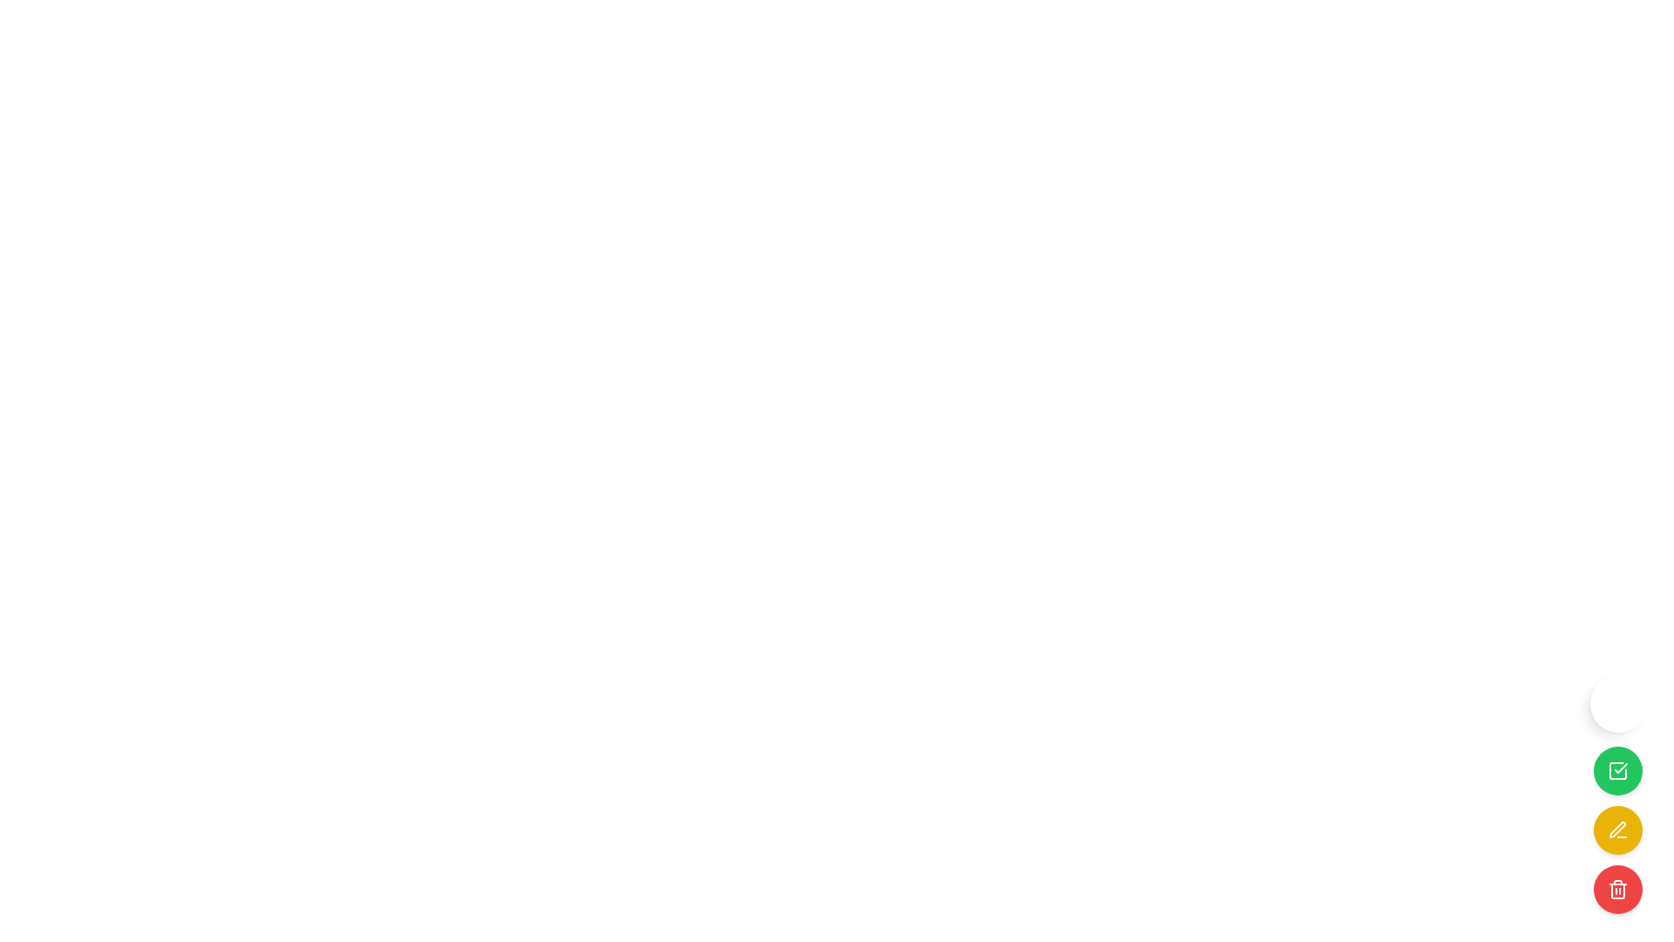 The height and width of the screenshot is (942, 1674). What do you see at coordinates (1617, 769) in the screenshot?
I see `the approval or confirmation icon located in the bottom-right corner of the interface, which is the topmost among three vertically aligned circular icons, enclosed in a green circular background` at bounding box center [1617, 769].